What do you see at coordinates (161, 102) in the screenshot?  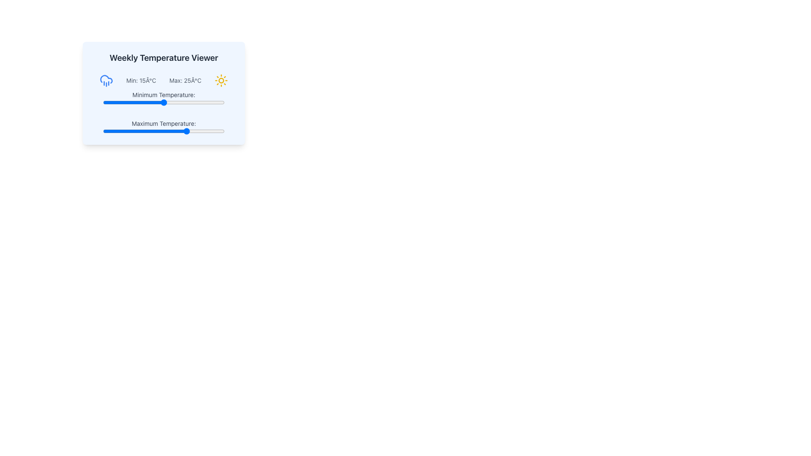 I see `the minimum temperature` at bounding box center [161, 102].